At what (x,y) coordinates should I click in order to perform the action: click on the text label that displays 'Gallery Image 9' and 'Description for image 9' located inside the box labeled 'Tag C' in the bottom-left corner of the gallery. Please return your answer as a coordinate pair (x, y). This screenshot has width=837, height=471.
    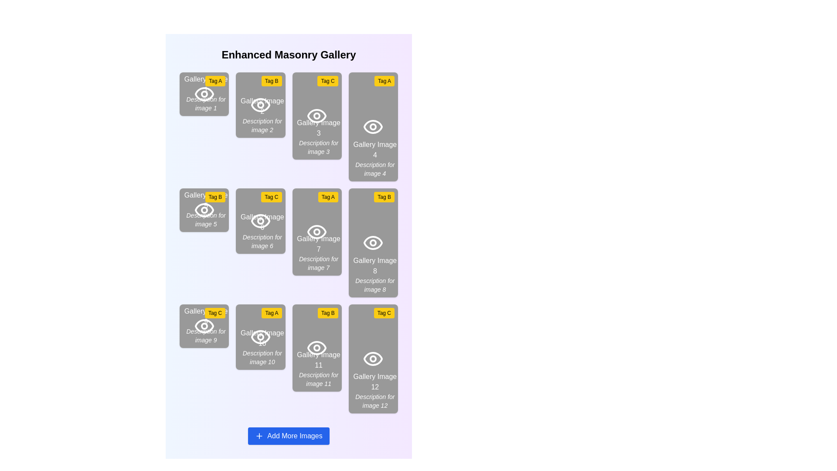
    Looking at the image, I should click on (205, 325).